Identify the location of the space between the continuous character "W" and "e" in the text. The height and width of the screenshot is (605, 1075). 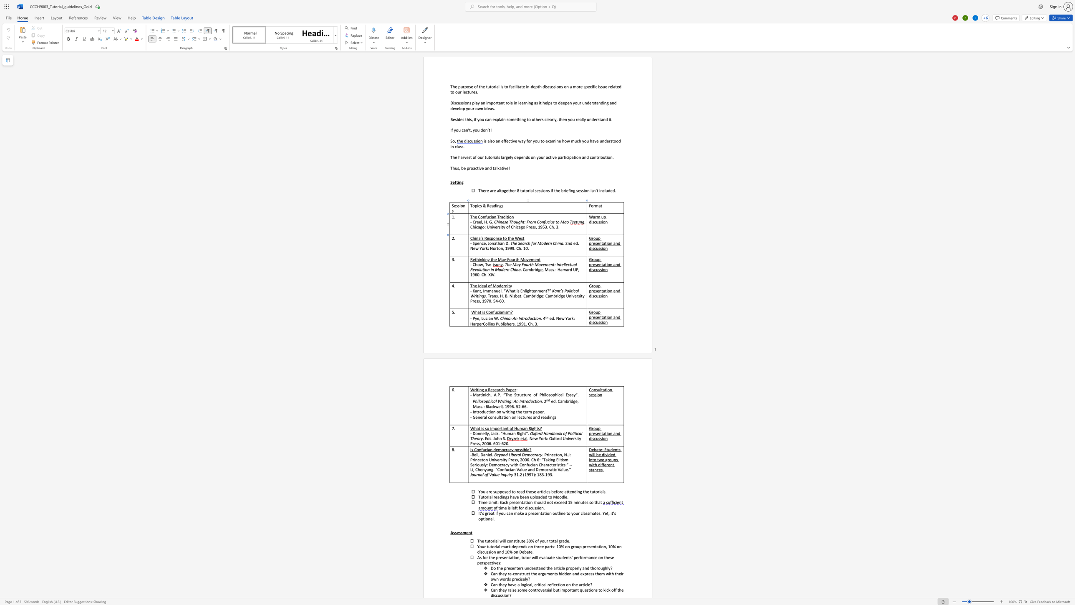
(518, 238).